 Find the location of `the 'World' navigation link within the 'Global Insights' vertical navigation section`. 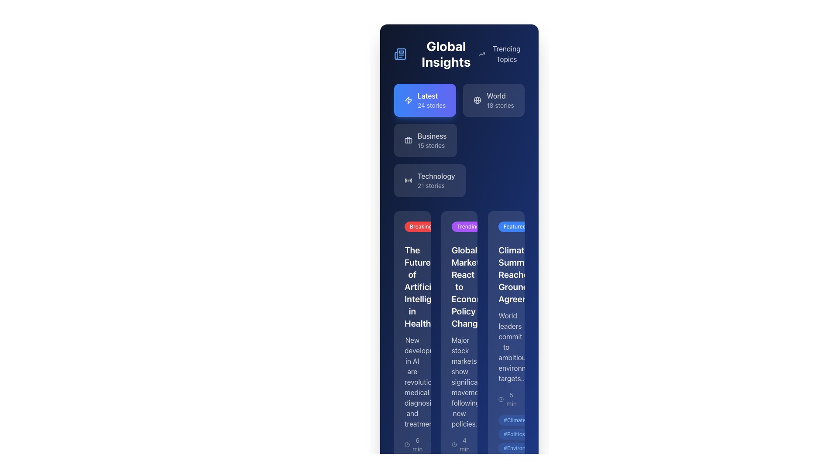

the 'World' navigation link within the 'Global Insights' vertical navigation section is located at coordinates (500, 100).